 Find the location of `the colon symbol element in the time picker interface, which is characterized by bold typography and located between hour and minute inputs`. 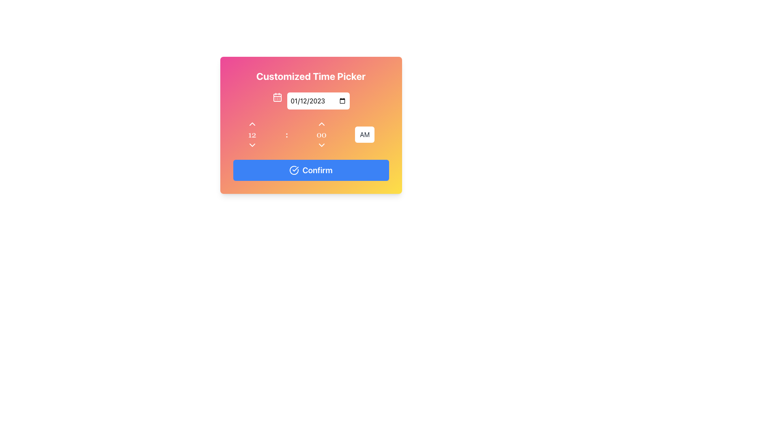

the colon symbol element in the time picker interface, which is characterized by bold typography and located between hour and minute inputs is located at coordinates (286, 134).